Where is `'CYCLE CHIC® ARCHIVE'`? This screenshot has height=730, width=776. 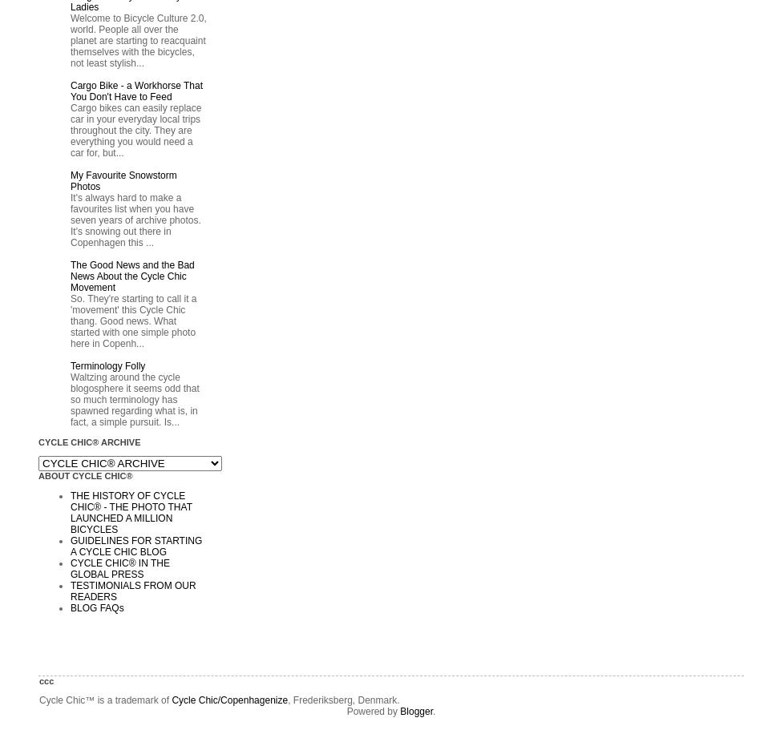 'CYCLE CHIC® ARCHIVE' is located at coordinates (89, 441).